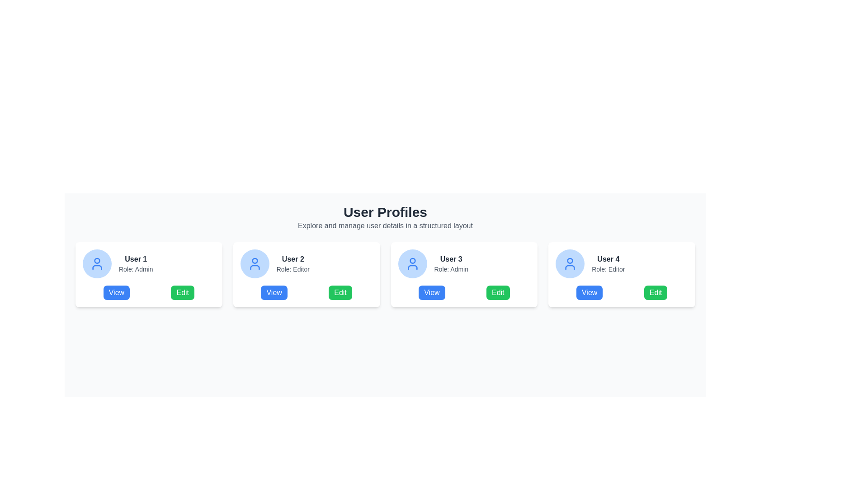 The image size is (868, 488). I want to click on the Text label that displays 'User 4' in bold and 'Role: Editor' in a smaller font, located in the last card under 'User Profiles', so click(608, 263).